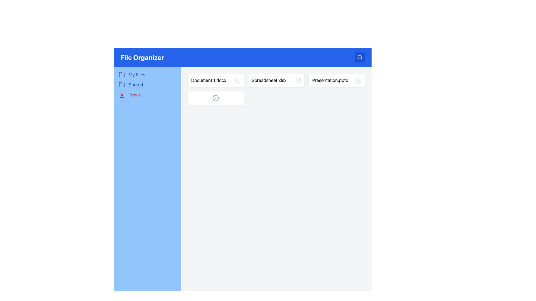 The width and height of the screenshot is (536, 301). I want to click on the 'My Files' text label in the left-hand navigation panel, so click(137, 74).